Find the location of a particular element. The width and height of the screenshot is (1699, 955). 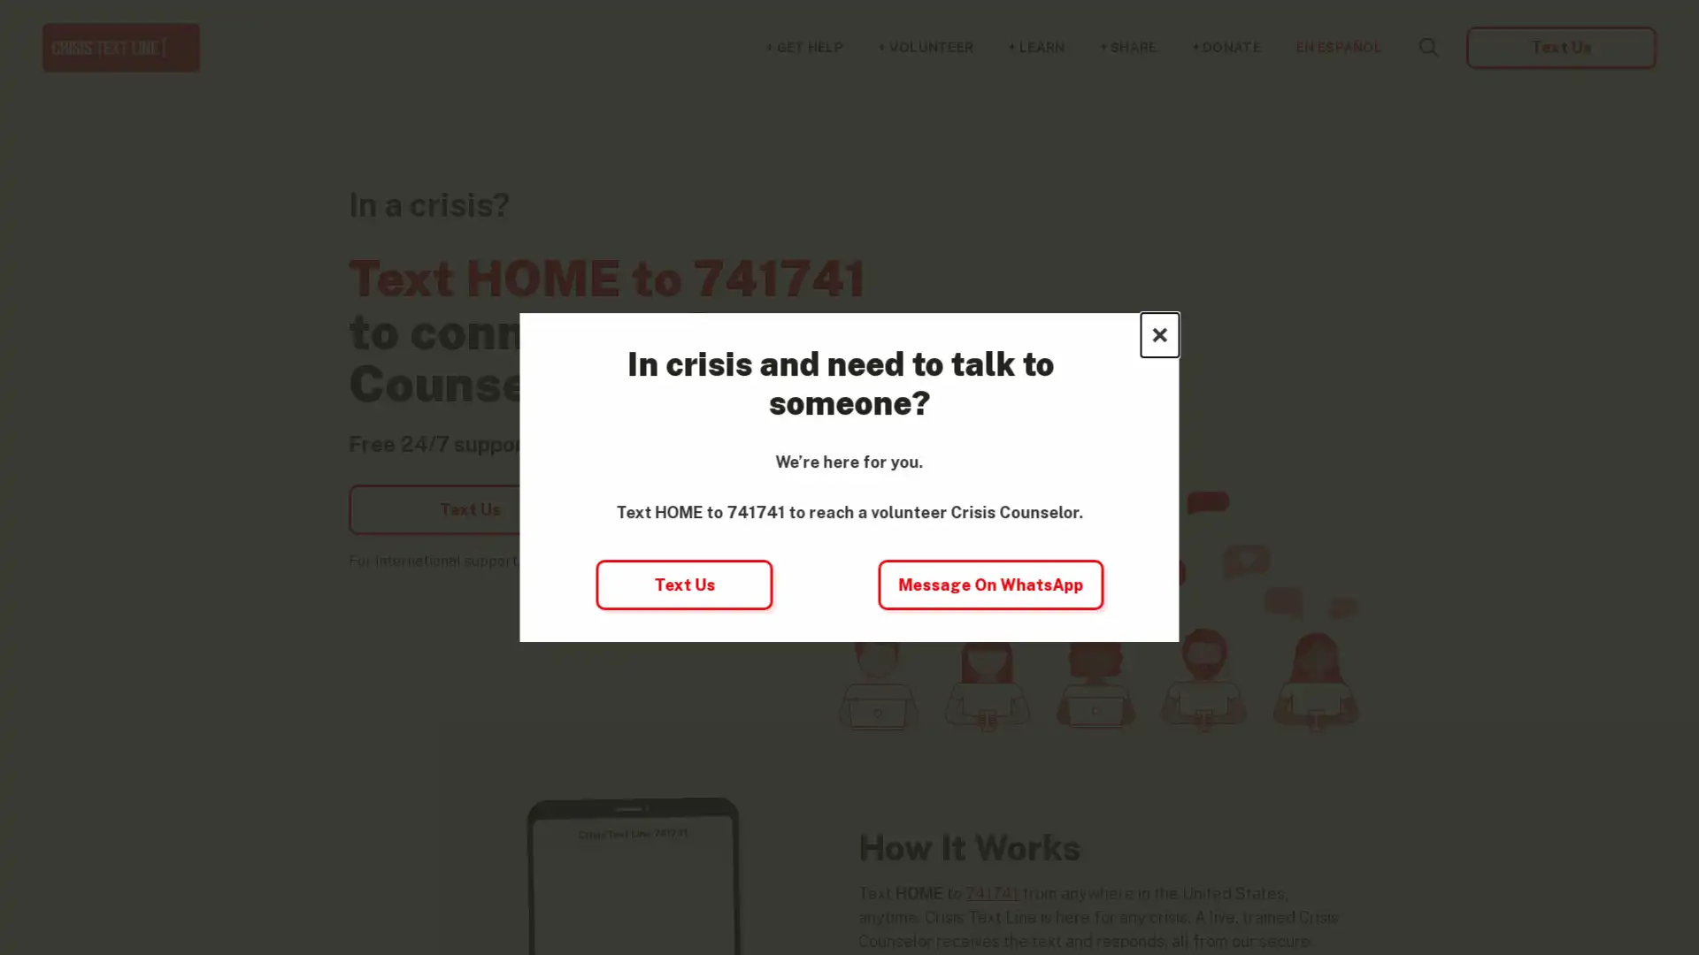

Search is located at coordinates (1428, 47).